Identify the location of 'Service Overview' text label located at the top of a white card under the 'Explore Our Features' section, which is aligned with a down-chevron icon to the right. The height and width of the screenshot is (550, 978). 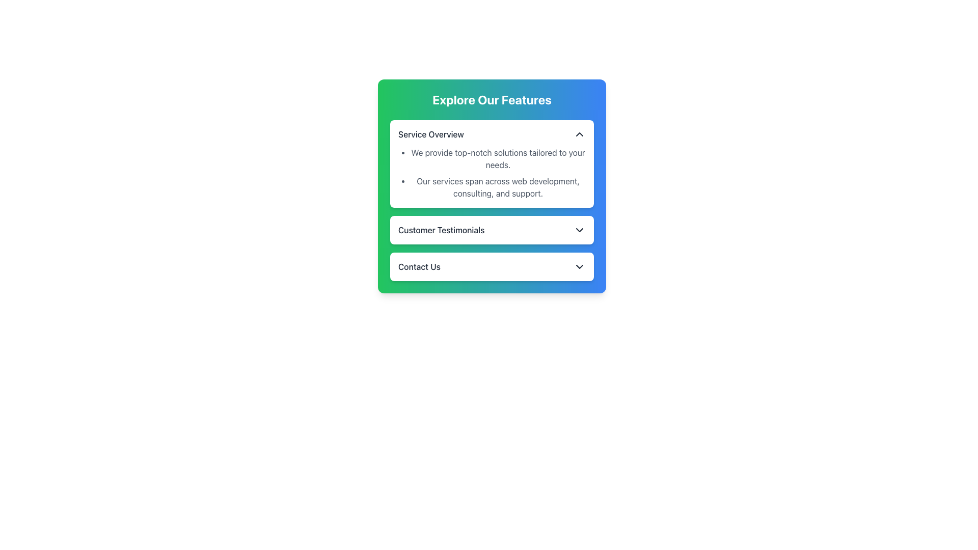
(431, 133).